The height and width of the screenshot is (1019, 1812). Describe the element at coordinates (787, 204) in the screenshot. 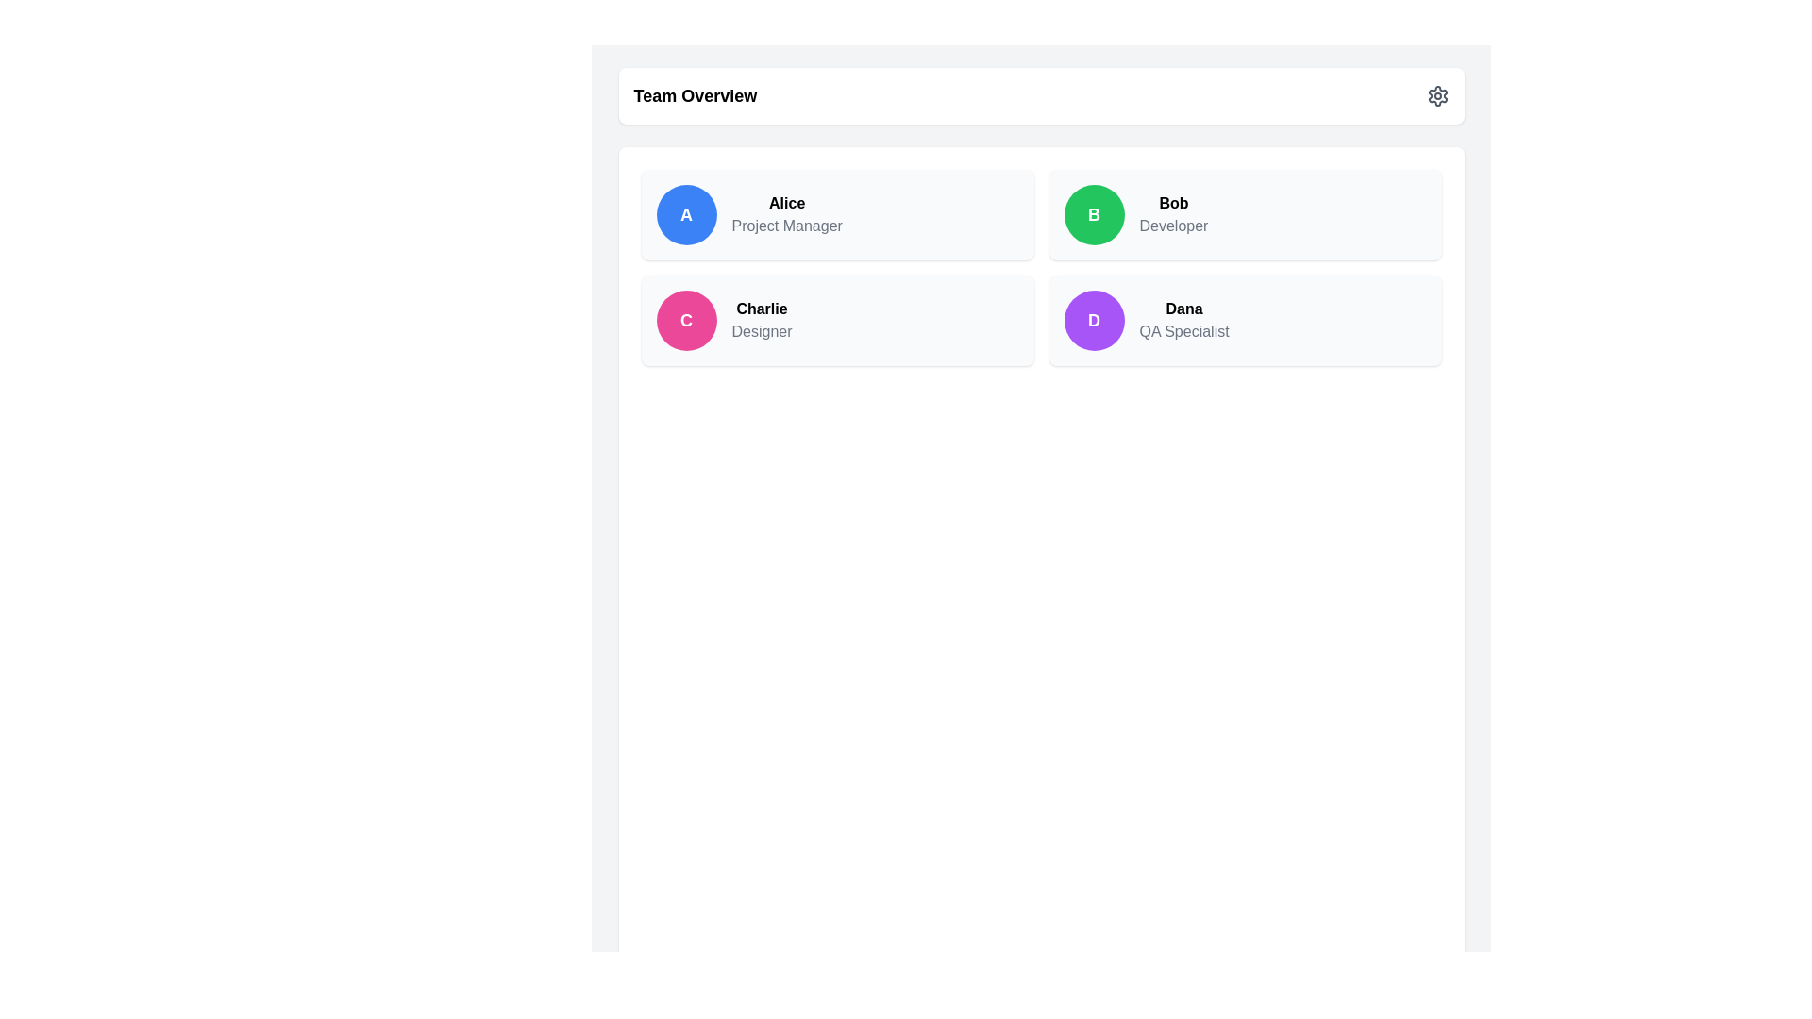

I see `the text label identifying the team member named 'Alice', who is a 'Project Manager', located in the top-left user card` at that location.